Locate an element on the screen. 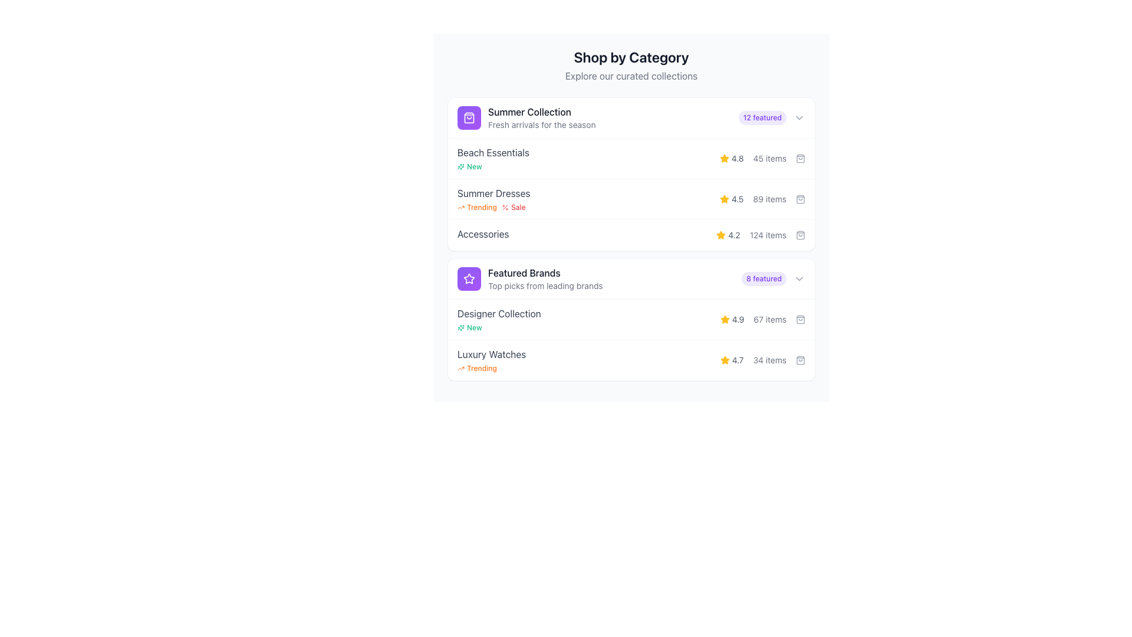  the Item metadata display component for 'Accessories' is located at coordinates (761, 235).